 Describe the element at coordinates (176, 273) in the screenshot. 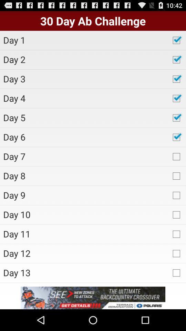

I see `the check box which is after day 13` at that location.